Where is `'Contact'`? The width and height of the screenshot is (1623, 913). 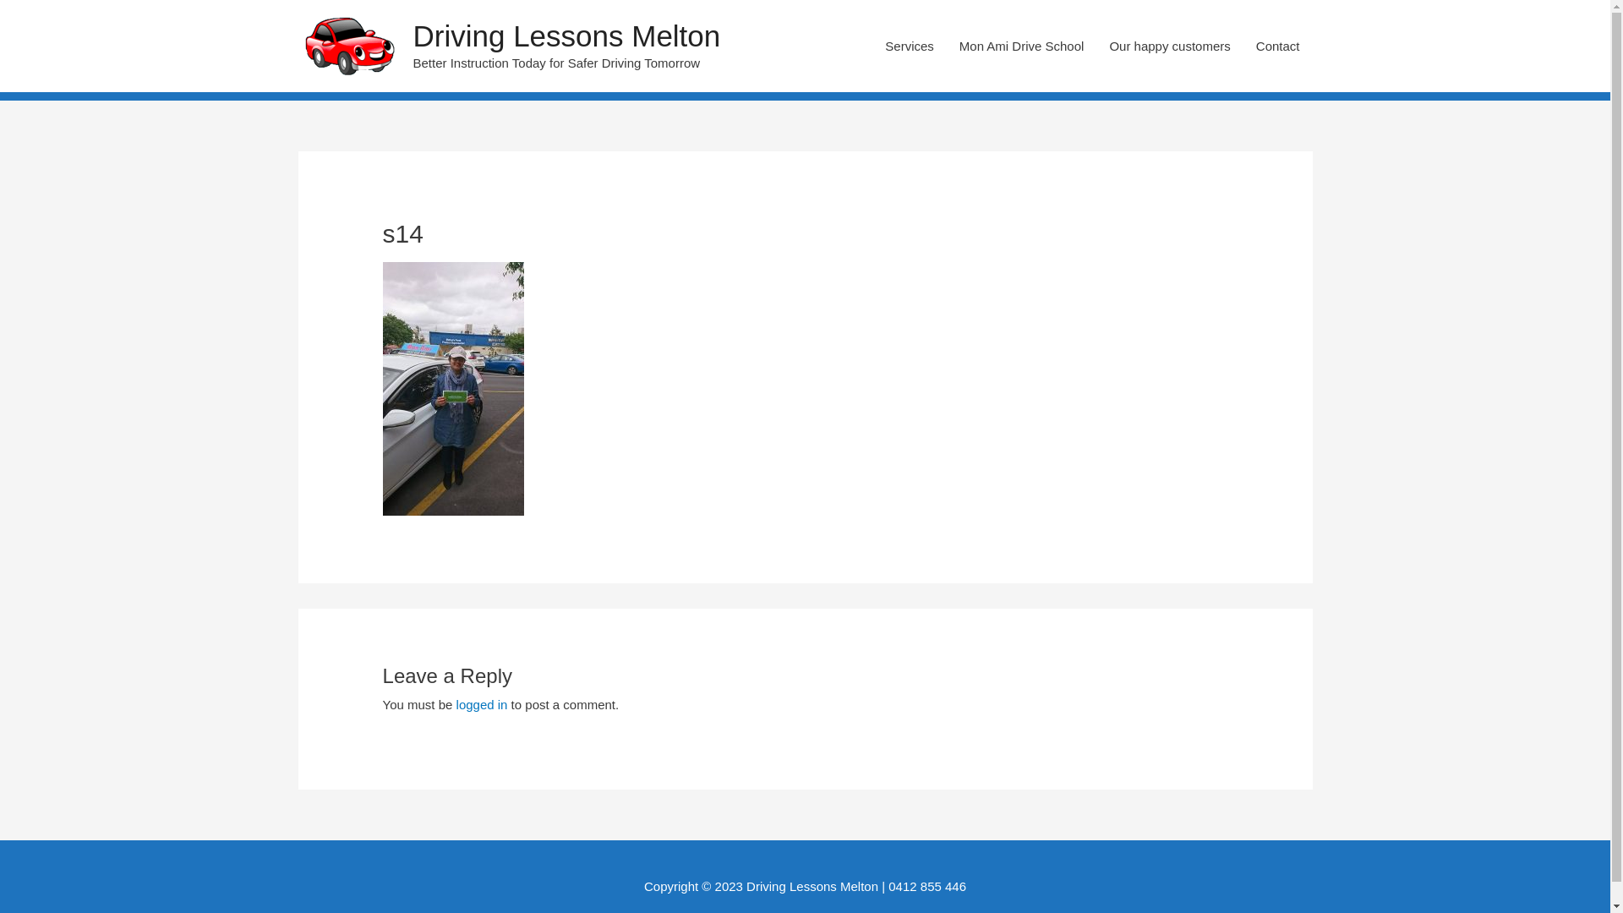
'Contact' is located at coordinates (1243, 45).